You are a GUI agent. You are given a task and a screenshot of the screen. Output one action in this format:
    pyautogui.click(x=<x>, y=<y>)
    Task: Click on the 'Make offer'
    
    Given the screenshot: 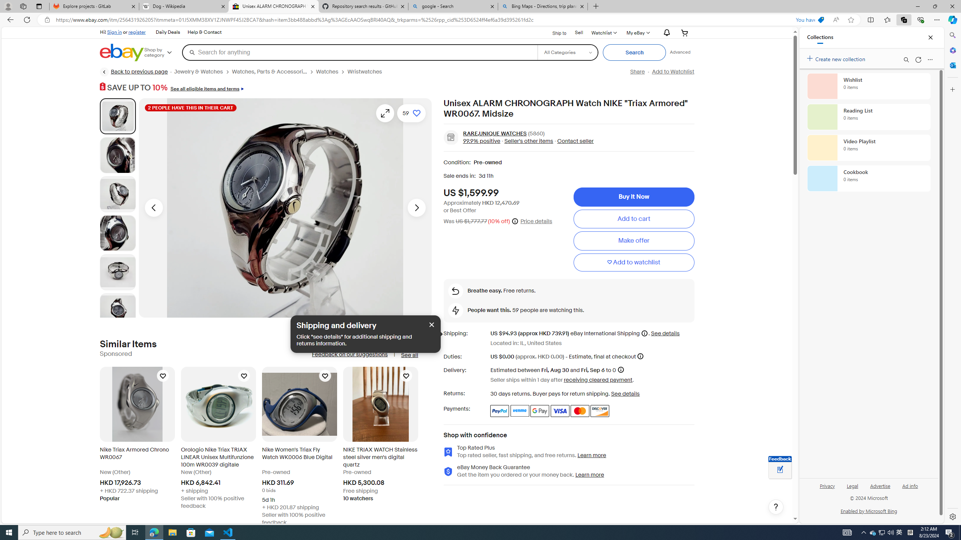 What is the action you would take?
    pyautogui.click(x=633, y=241)
    